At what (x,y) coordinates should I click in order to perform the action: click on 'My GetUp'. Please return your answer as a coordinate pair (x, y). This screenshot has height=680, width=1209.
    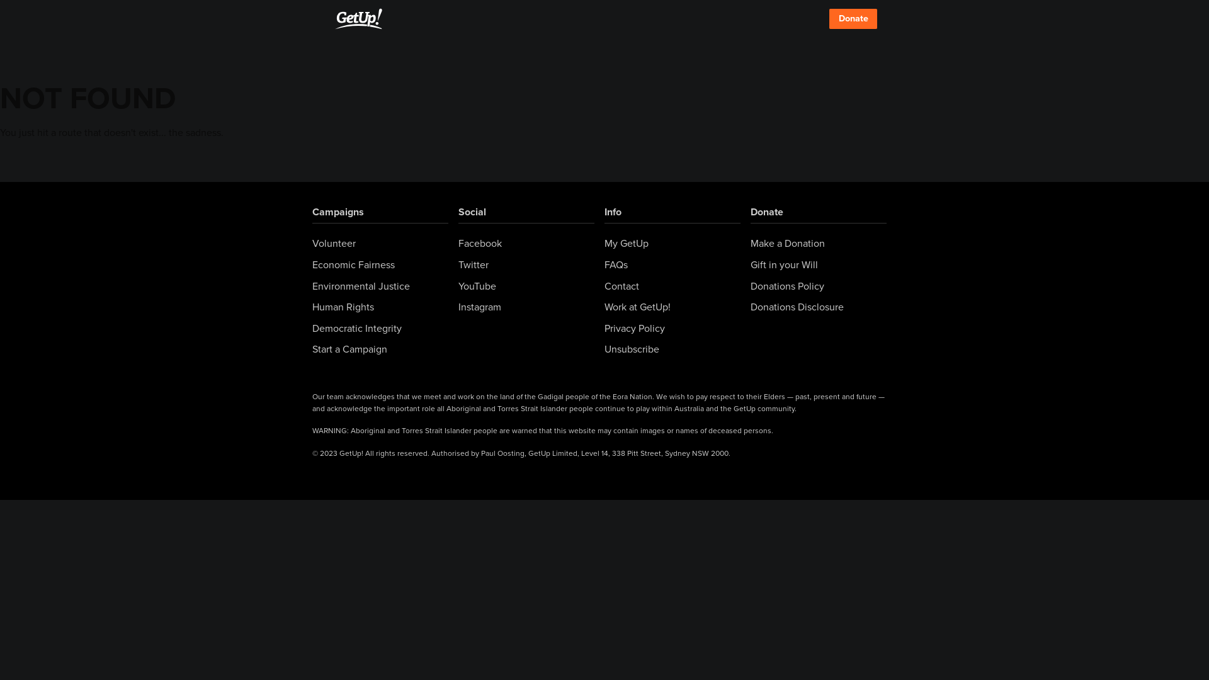
    Looking at the image, I should click on (626, 243).